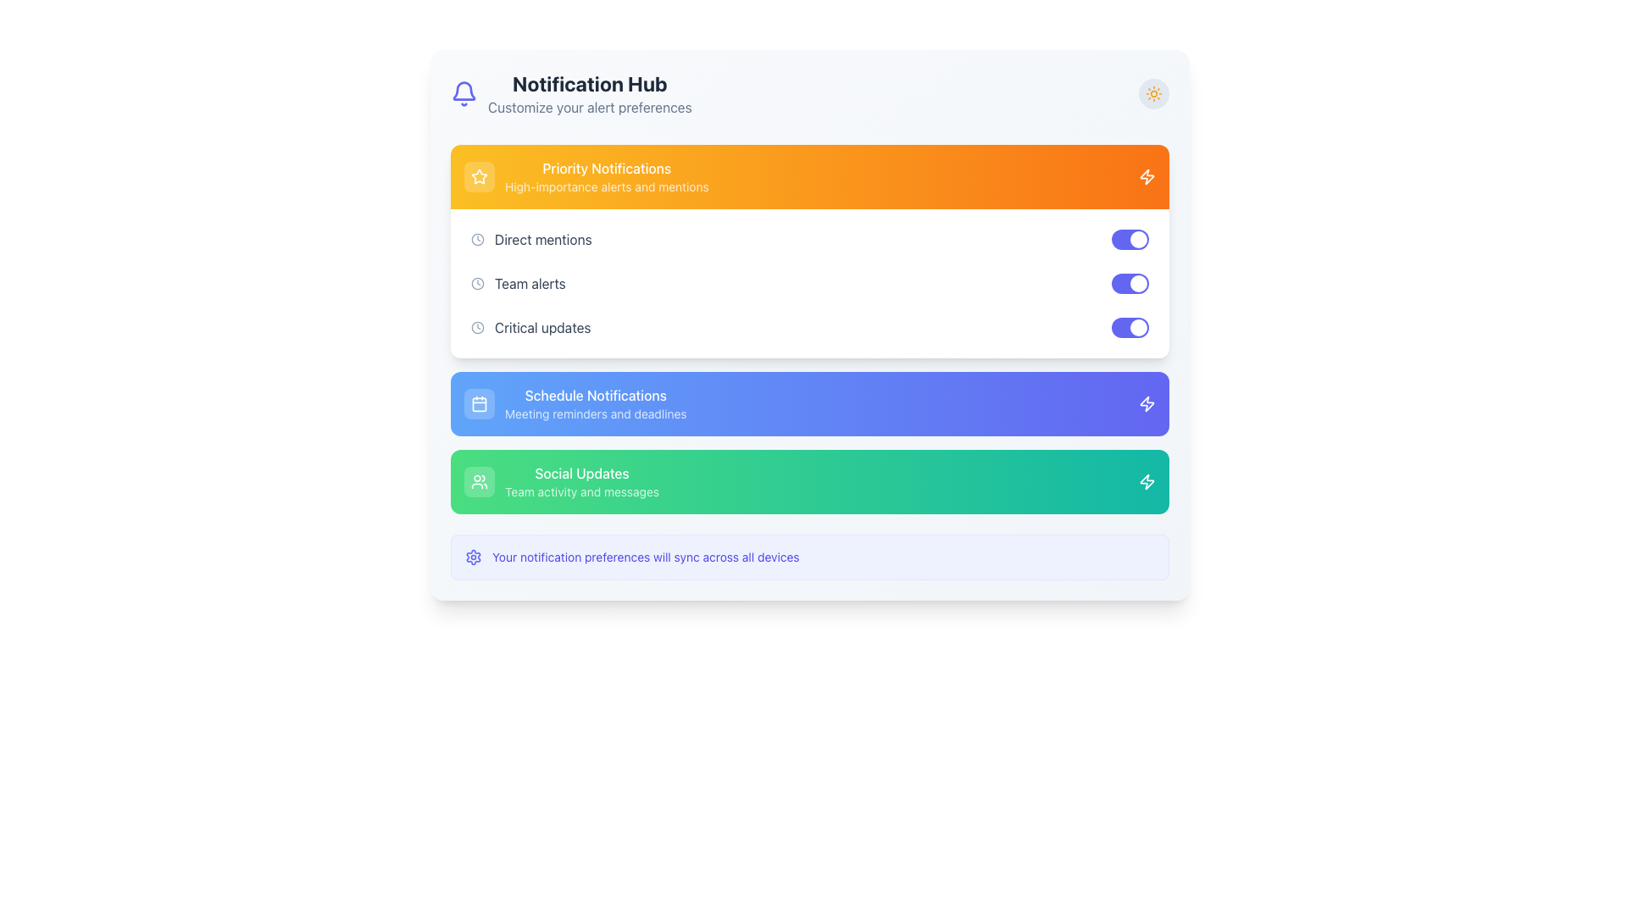 The height and width of the screenshot is (915, 1627). What do you see at coordinates (477, 327) in the screenshot?
I see `the clock icon in the 'Priority Notifications' section, which is located to the left of the 'Critical updates' text` at bounding box center [477, 327].